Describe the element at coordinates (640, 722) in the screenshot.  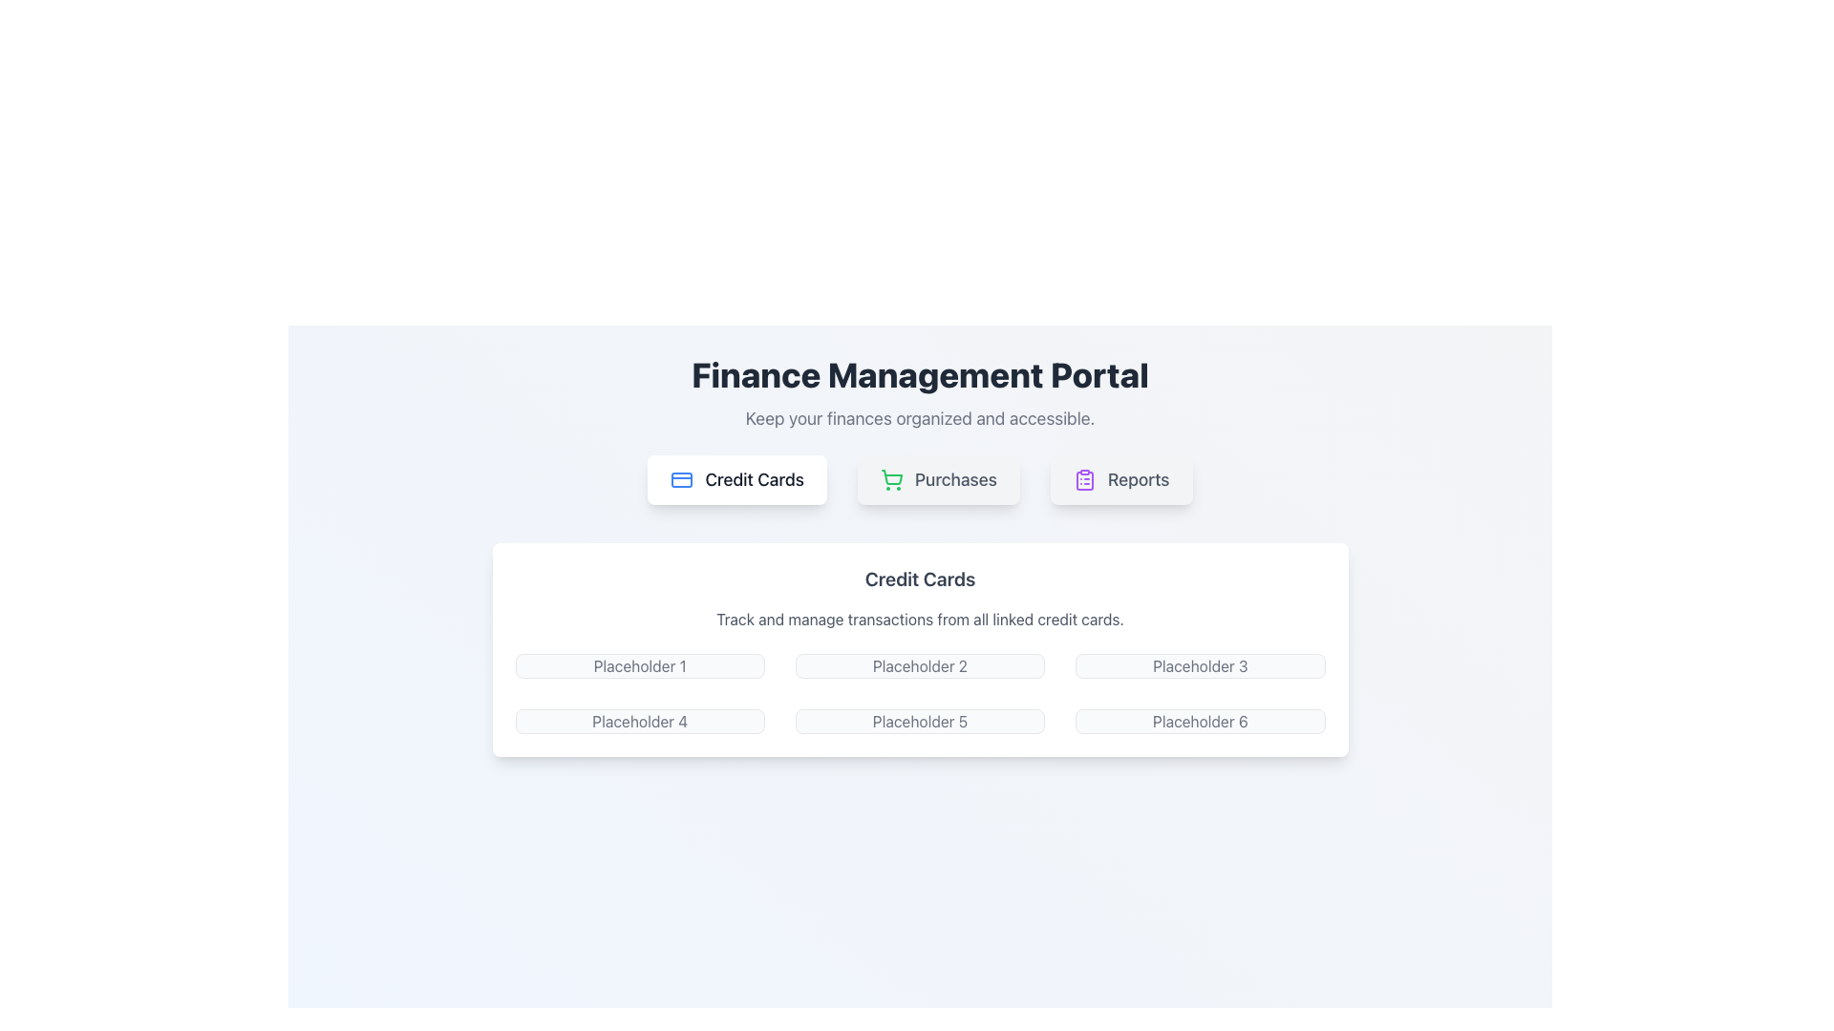
I see `the label displaying 'Placeholder 4' in light gray font, located in the 'Credit Cards' section of the central panel` at that location.